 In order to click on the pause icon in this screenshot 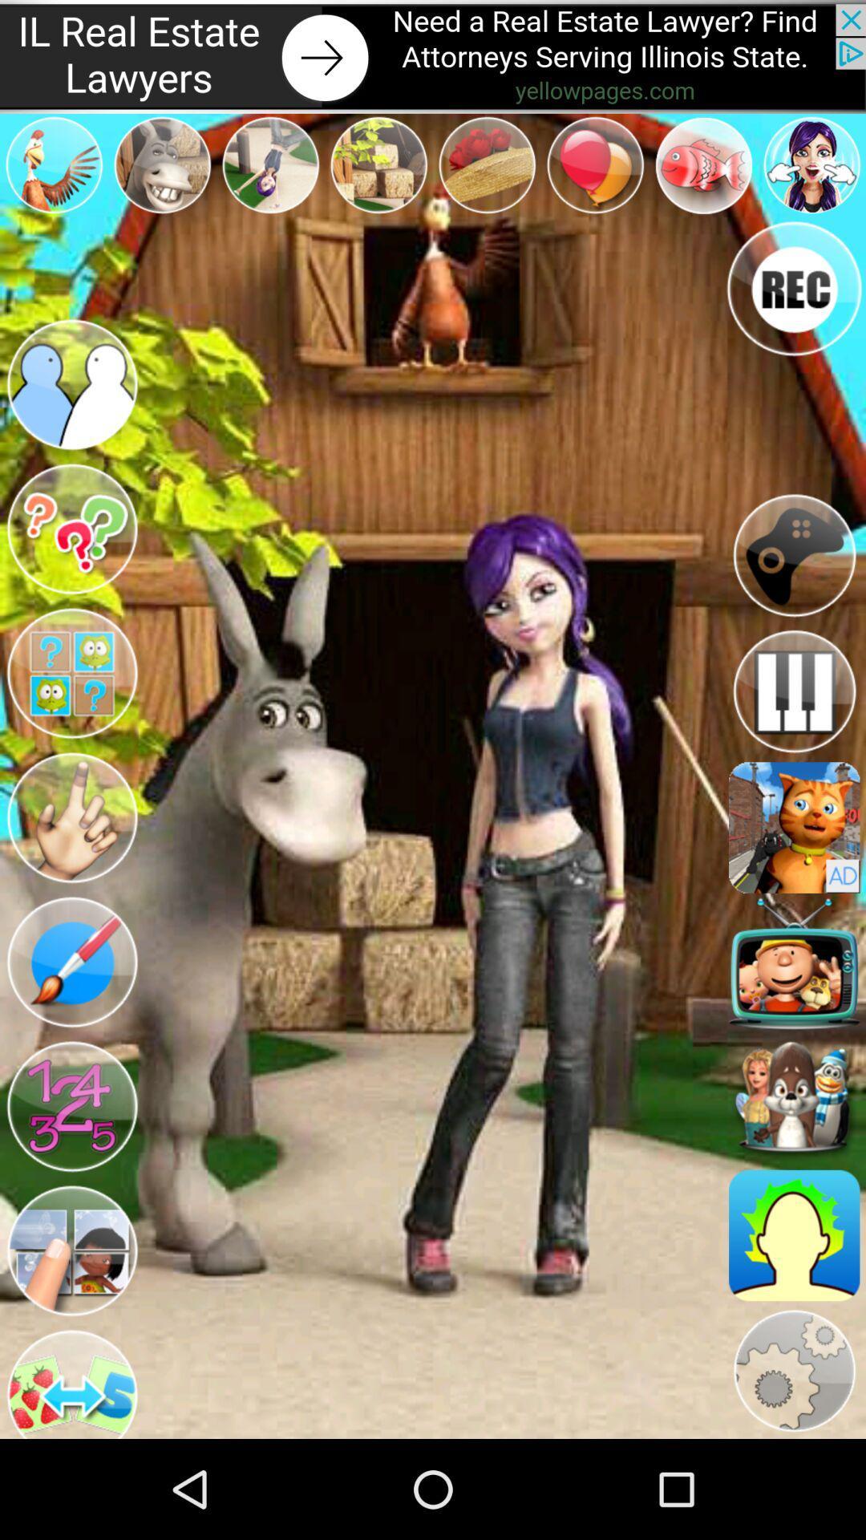, I will do `click(794, 740)`.